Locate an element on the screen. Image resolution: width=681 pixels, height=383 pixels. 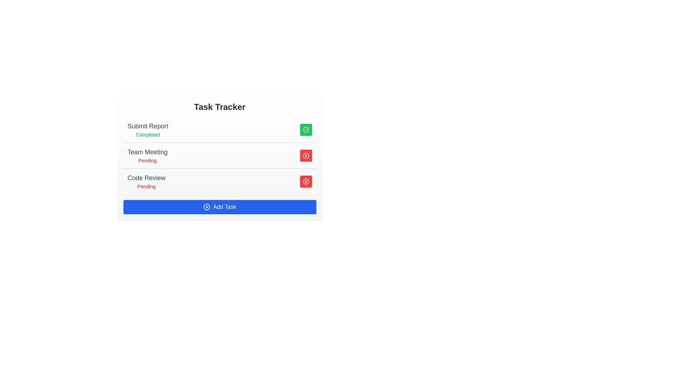
task details of the second task entry titled 'Team Meeting' with a status of 'Pending' in the task tracker list is located at coordinates (219, 155).